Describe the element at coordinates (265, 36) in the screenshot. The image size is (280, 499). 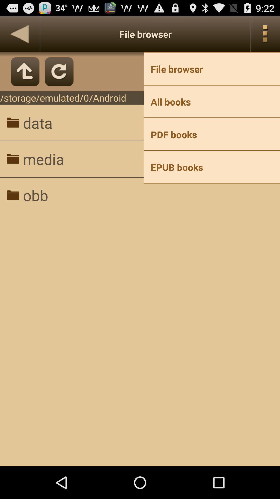
I see `the more icon` at that location.